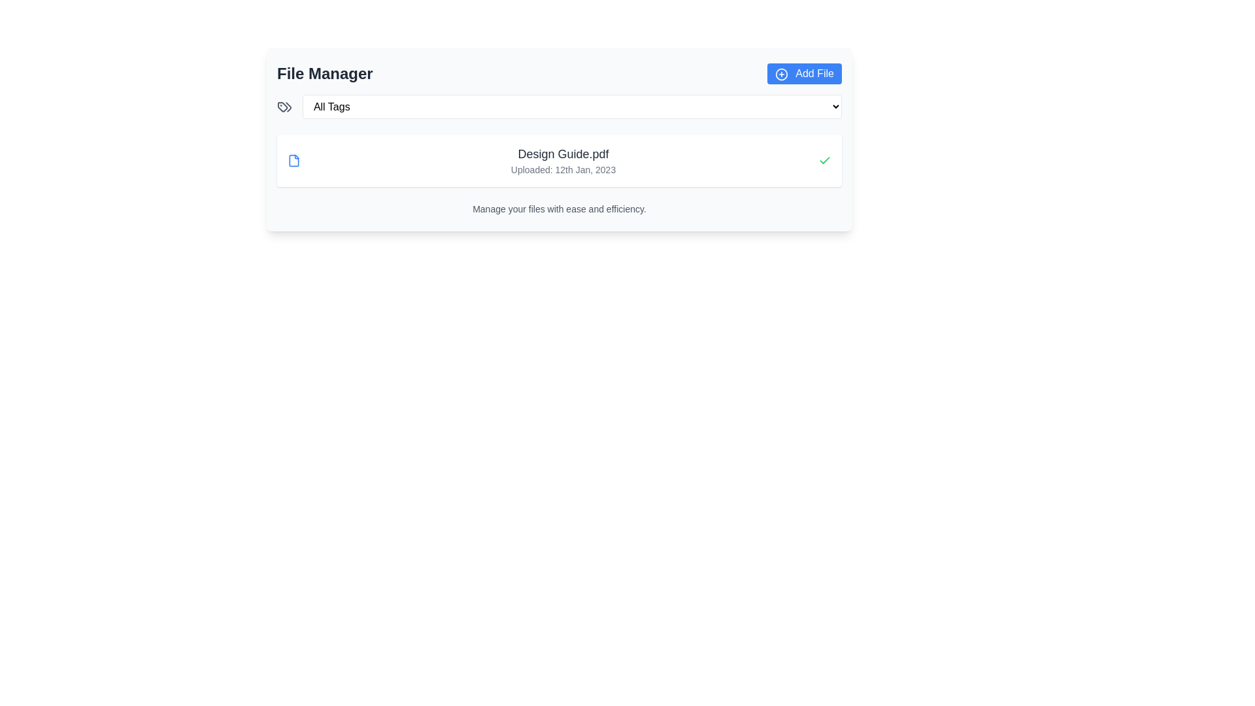  Describe the element at coordinates (563, 153) in the screenshot. I see `the static text label displaying the name of a file in the file manager, located below the 'File Manager' header` at that location.